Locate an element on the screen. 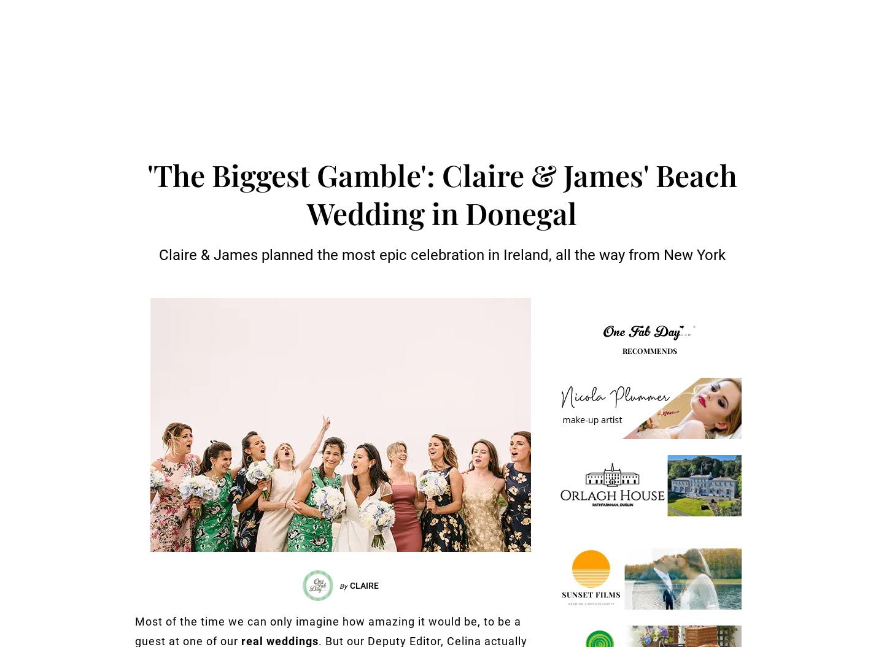 This screenshot has width=884, height=647. 'Wedding Style' is located at coordinates (347, 52).